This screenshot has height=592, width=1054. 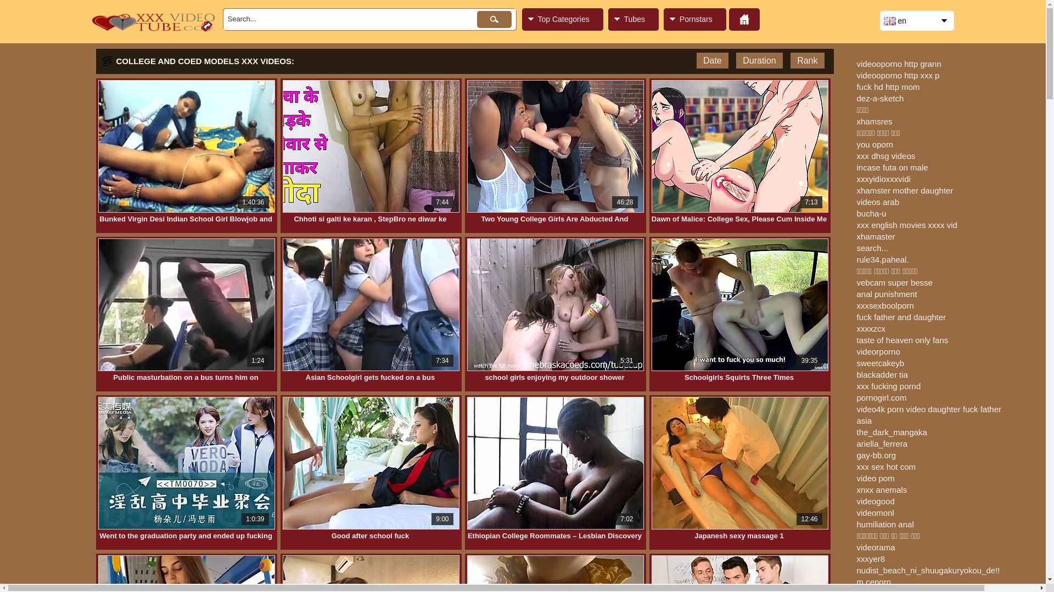 I want to click on 'm.ceporn', so click(x=873, y=581).